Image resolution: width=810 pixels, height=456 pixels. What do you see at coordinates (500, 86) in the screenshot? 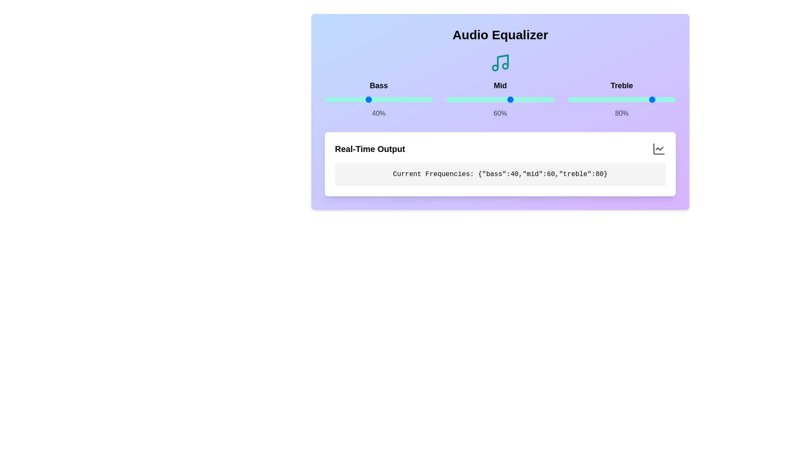
I see `the text label that indicates the middle frequency range control within the audio equalizer interface, which is centrally located between the 'Bass' and 'Treble' sections` at bounding box center [500, 86].